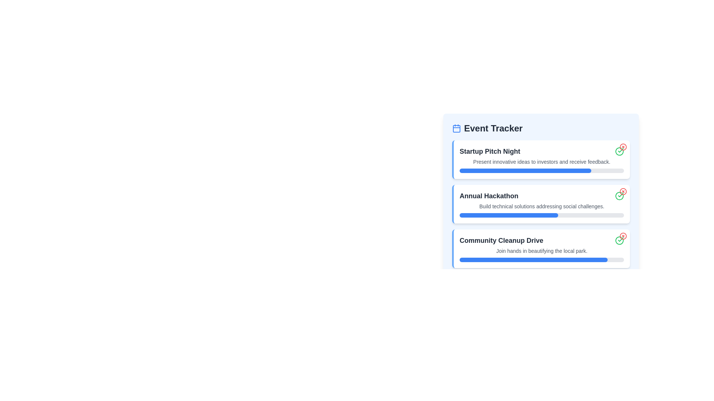  What do you see at coordinates (525, 170) in the screenshot?
I see `the Progress Indicator that visually indicates the progress or completion percentage for the 'Startup Pitch Night' in the 'Event Tracker' section` at bounding box center [525, 170].